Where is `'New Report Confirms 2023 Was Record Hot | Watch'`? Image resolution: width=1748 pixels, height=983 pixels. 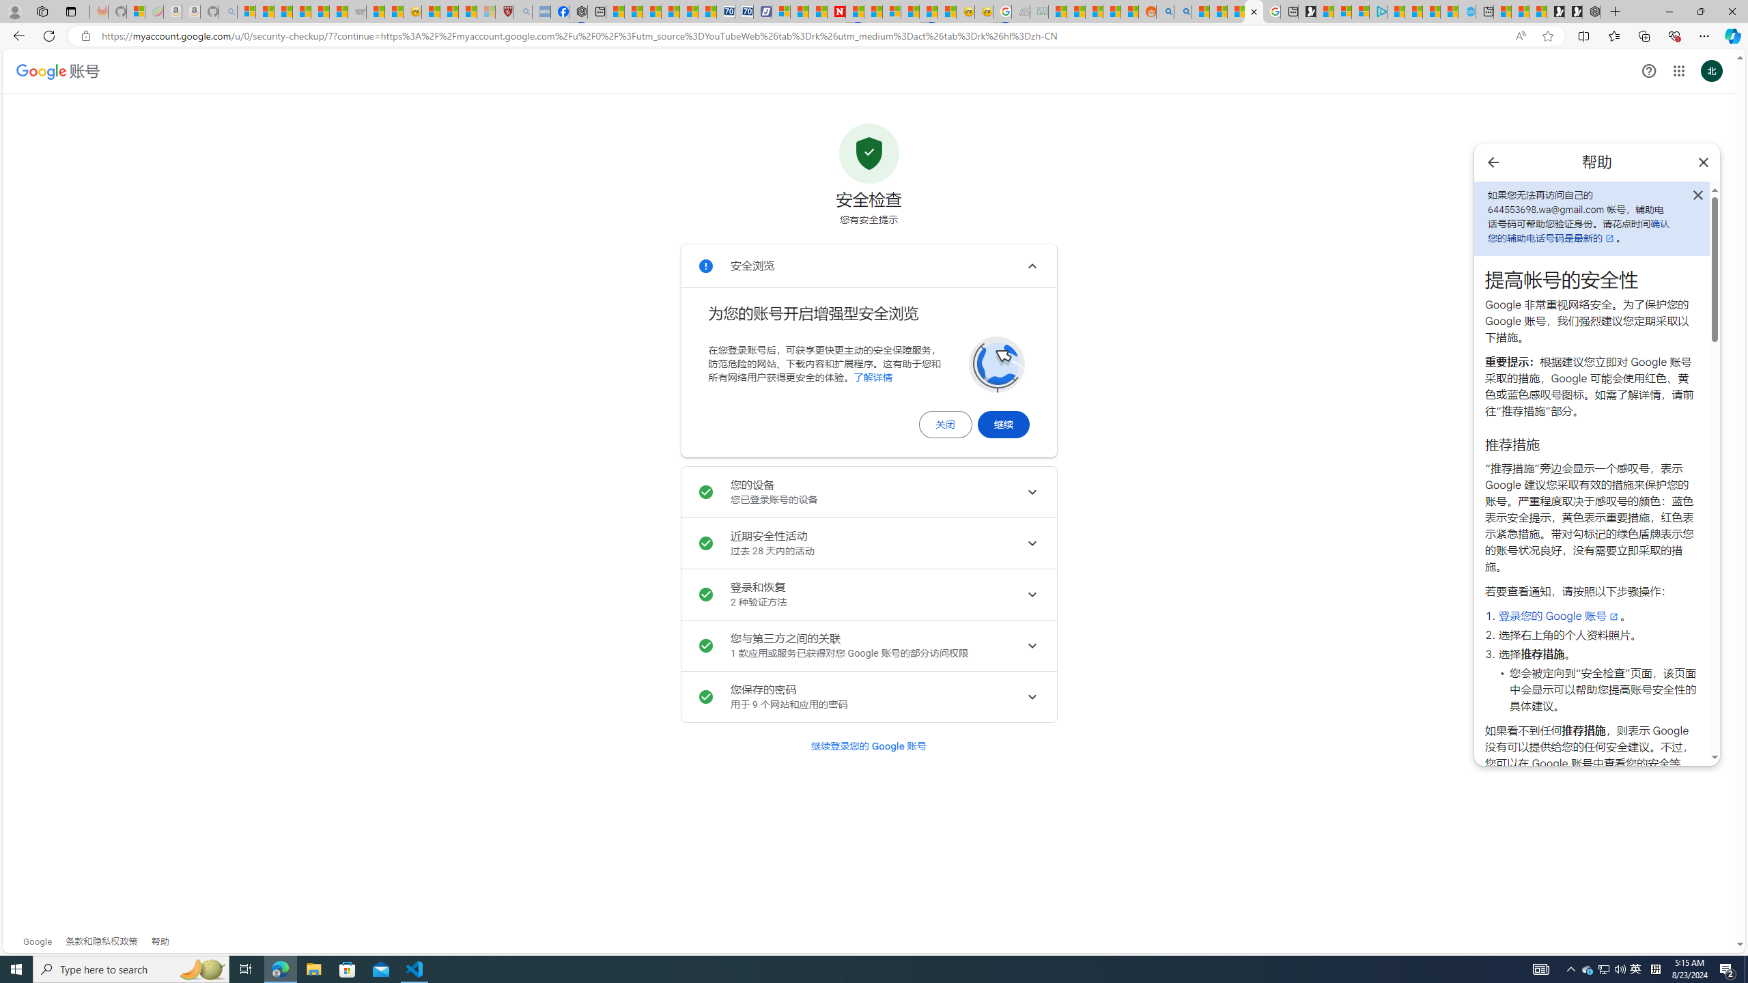 'New Report Confirms 2023 Was Record Hot | Watch' is located at coordinates (320, 11).